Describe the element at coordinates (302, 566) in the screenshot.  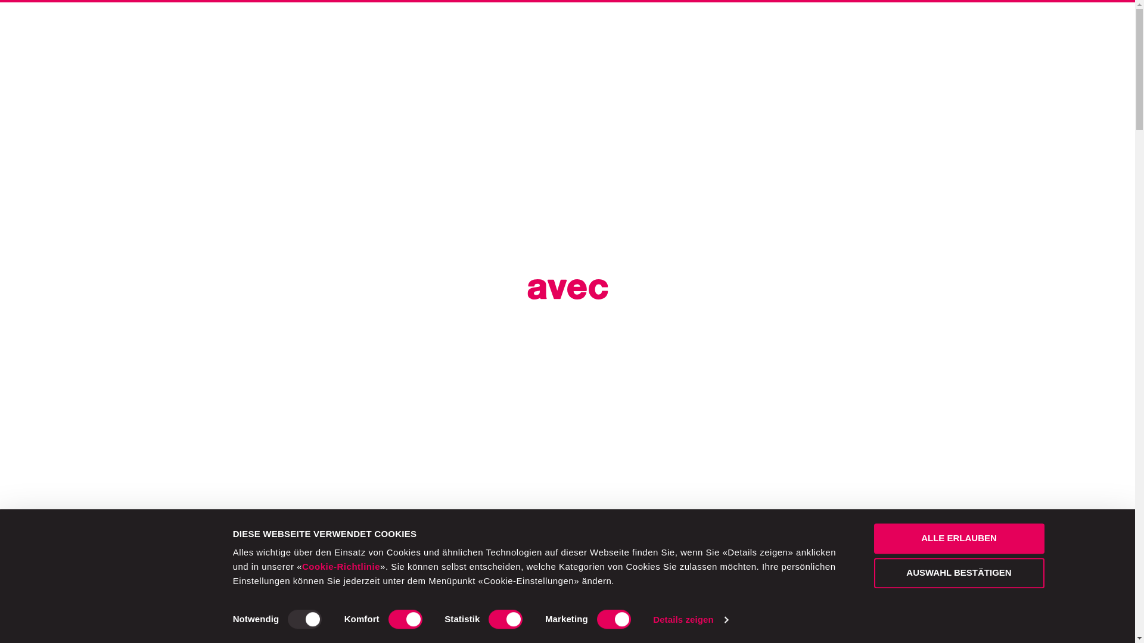
I see `'Cookie-Richtlinie'` at that location.